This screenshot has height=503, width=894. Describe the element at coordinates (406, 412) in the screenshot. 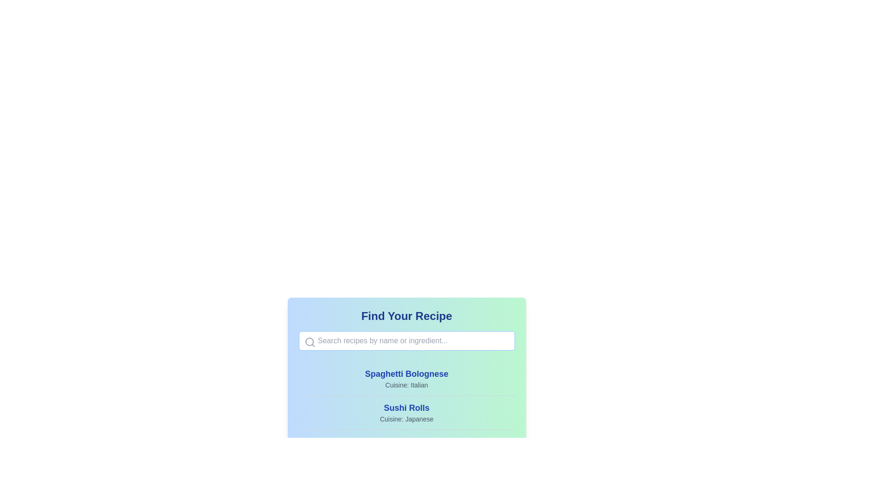

I see `the second clickable list item displaying 'Sushi Rolls' and 'Cuisine: Japanese'` at that location.